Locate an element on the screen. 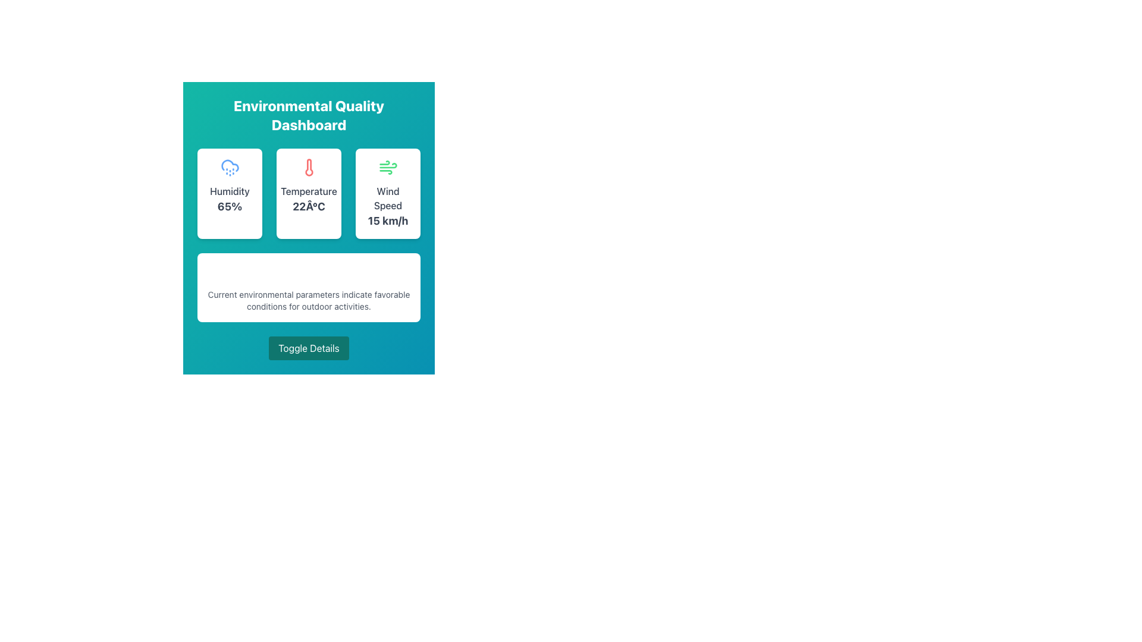  the 'Humidity' text label, which is part of the leftmost card in the dashboard, positioned below a cloud-and-drizzle icon and above the bold '65%' text is located at coordinates (230, 190).